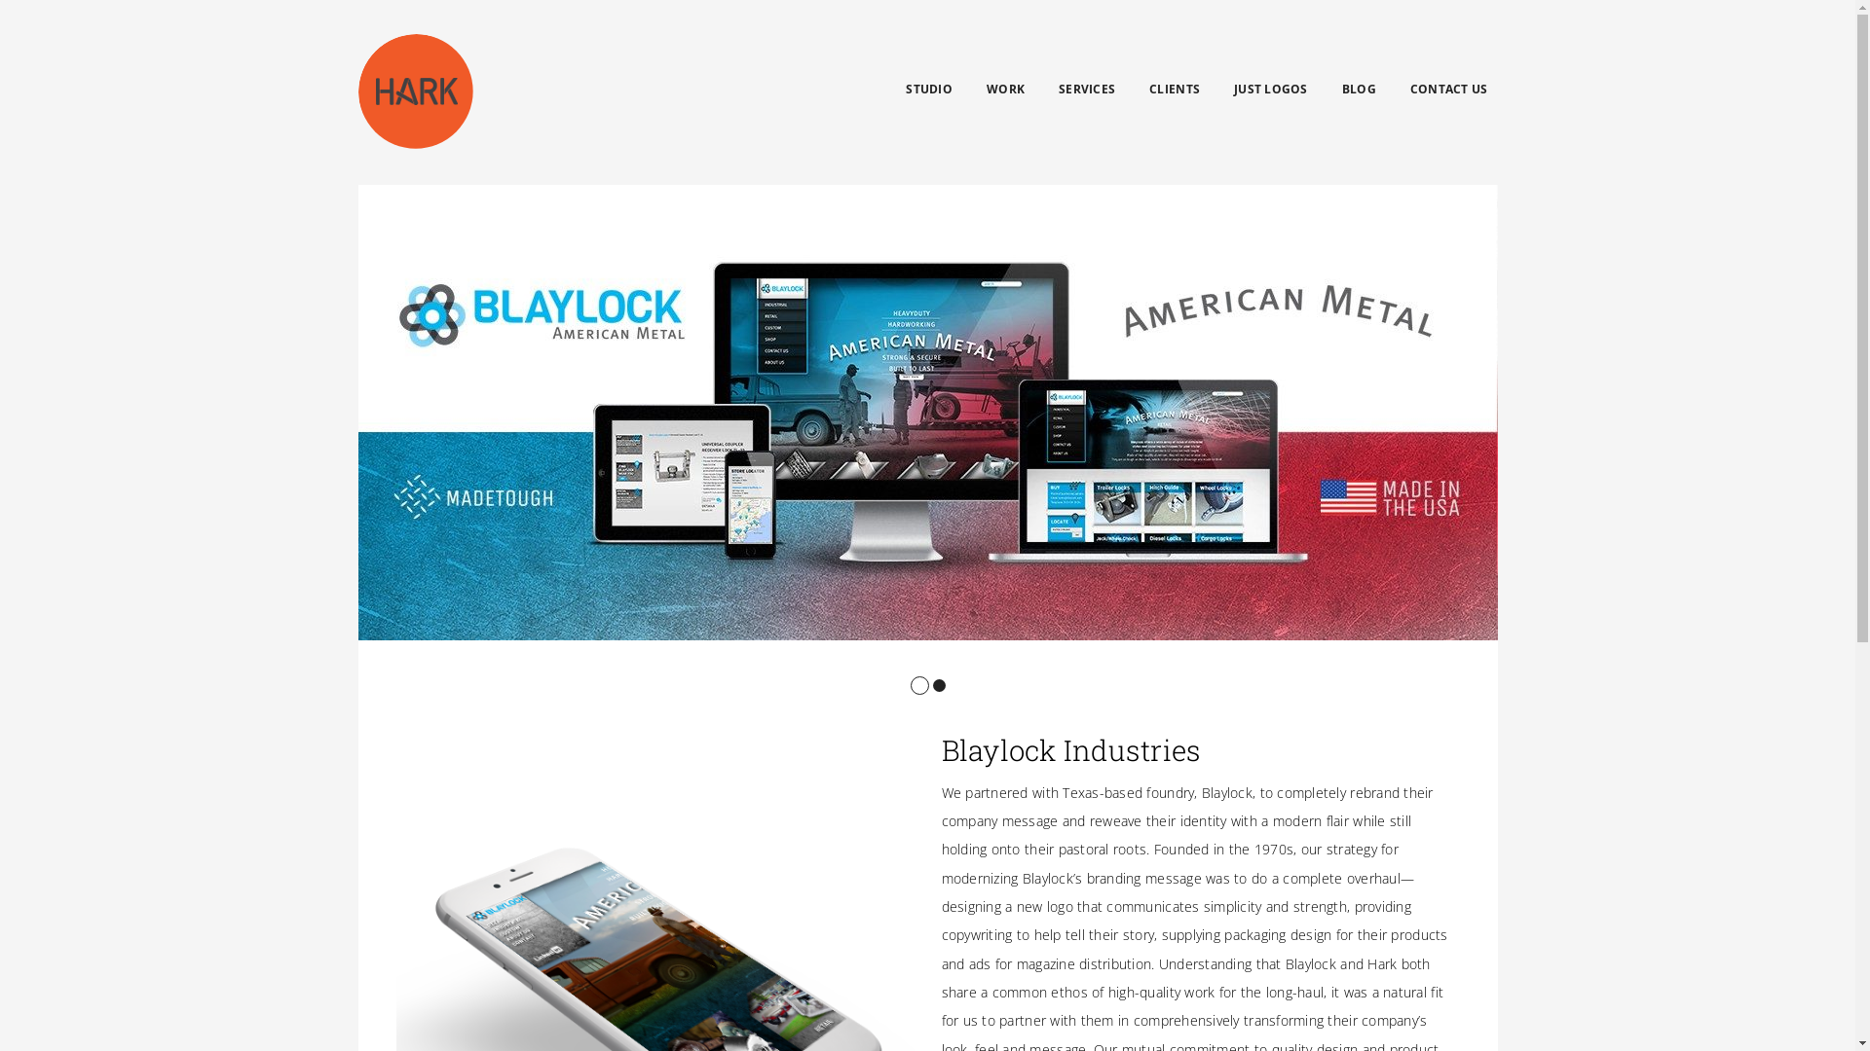 The width and height of the screenshot is (1870, 1051). Describe the element at coordinates (1005, 90) in the screenshot. I see `'WORK'` at that location.